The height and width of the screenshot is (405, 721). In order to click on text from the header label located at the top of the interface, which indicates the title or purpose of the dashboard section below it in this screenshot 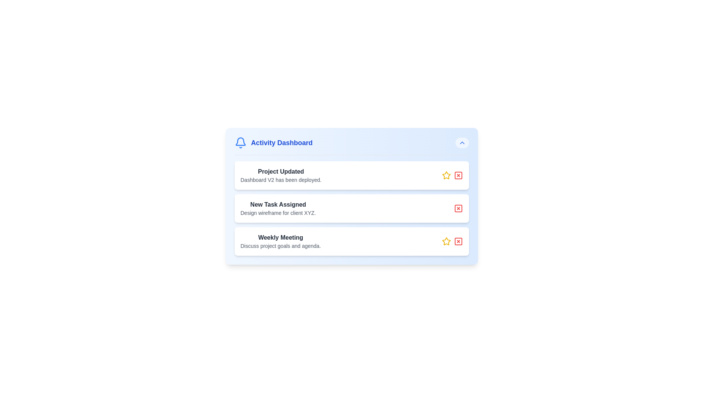, I will do `click(281, 143)`.